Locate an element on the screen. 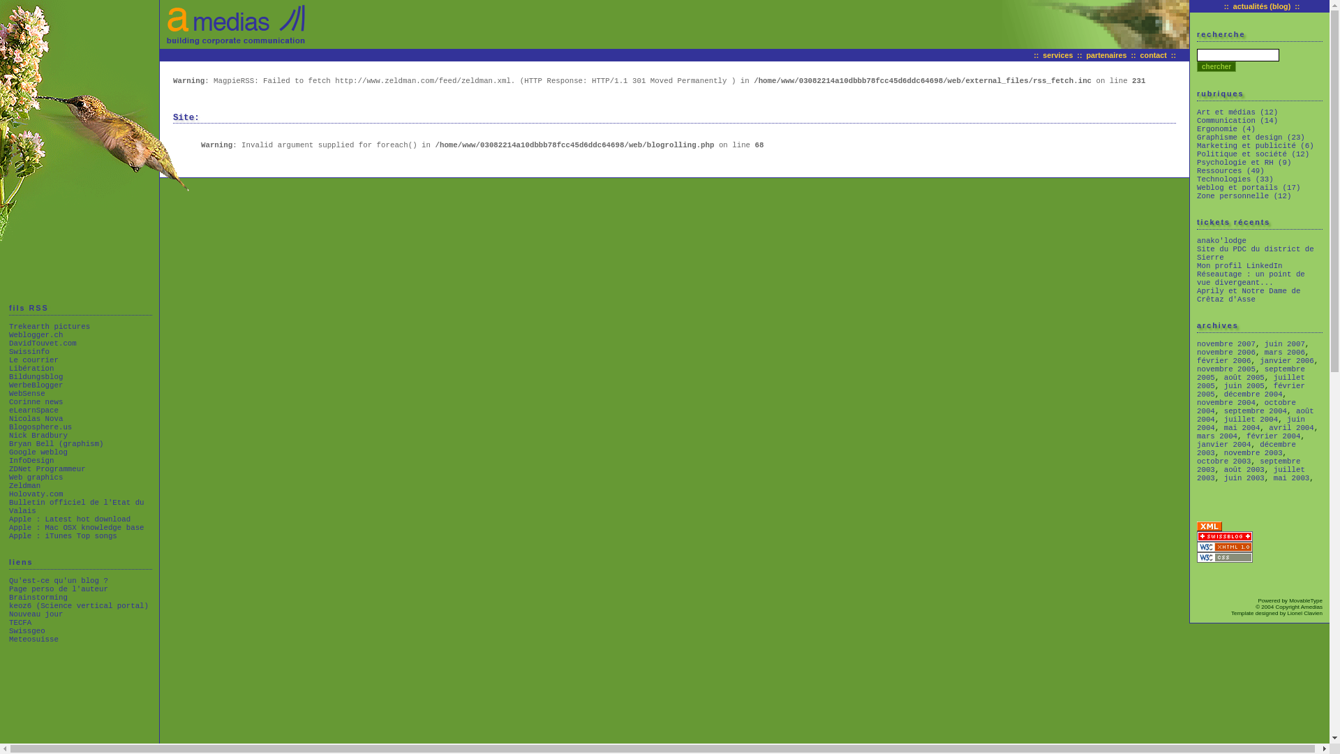  'Corinne news' is located at coordinates (36, 401).